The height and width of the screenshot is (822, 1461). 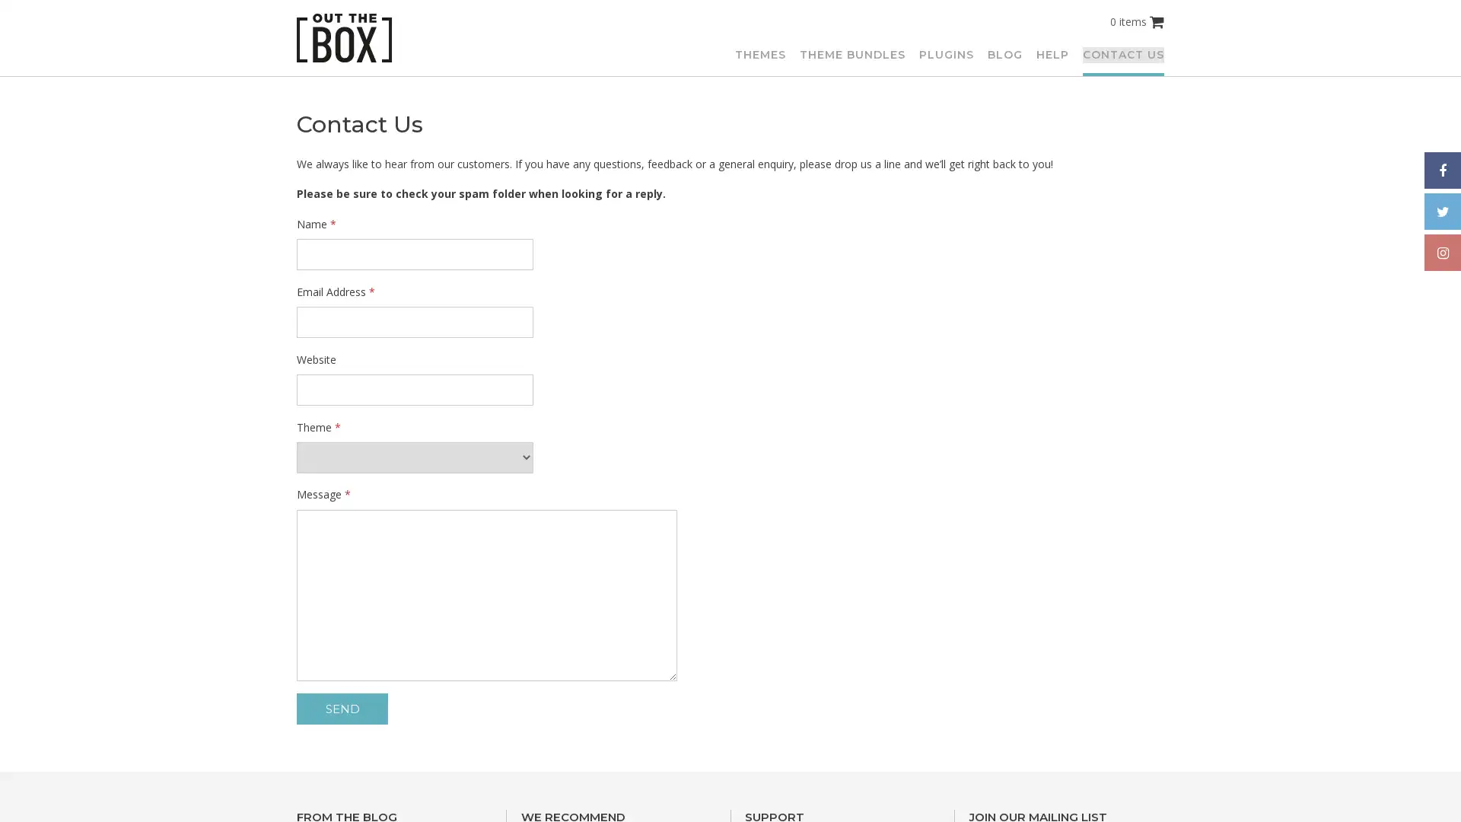 I want to click on Send, so click(x=342, y=709).